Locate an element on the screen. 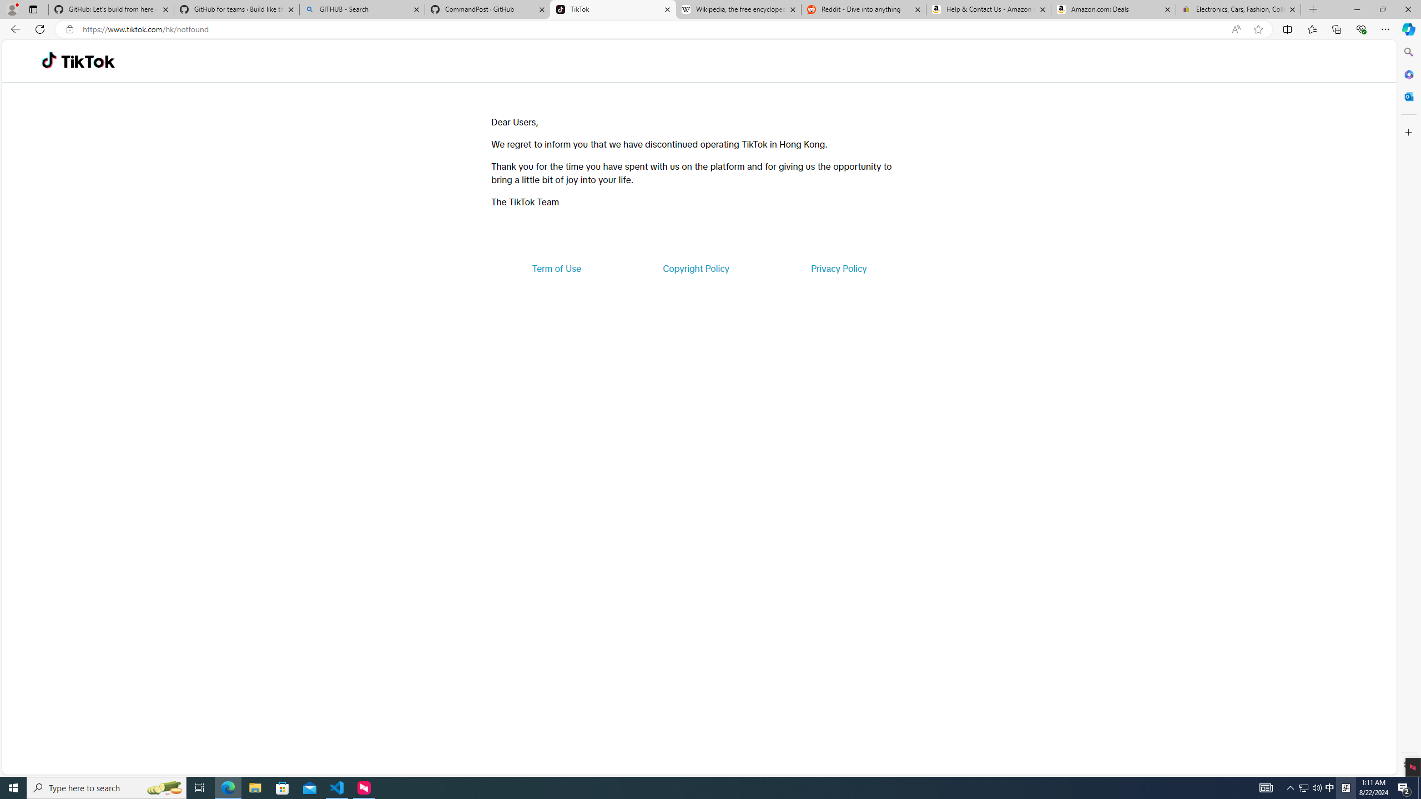  'GITHUB - Search' is located at coordinates (361, 9).